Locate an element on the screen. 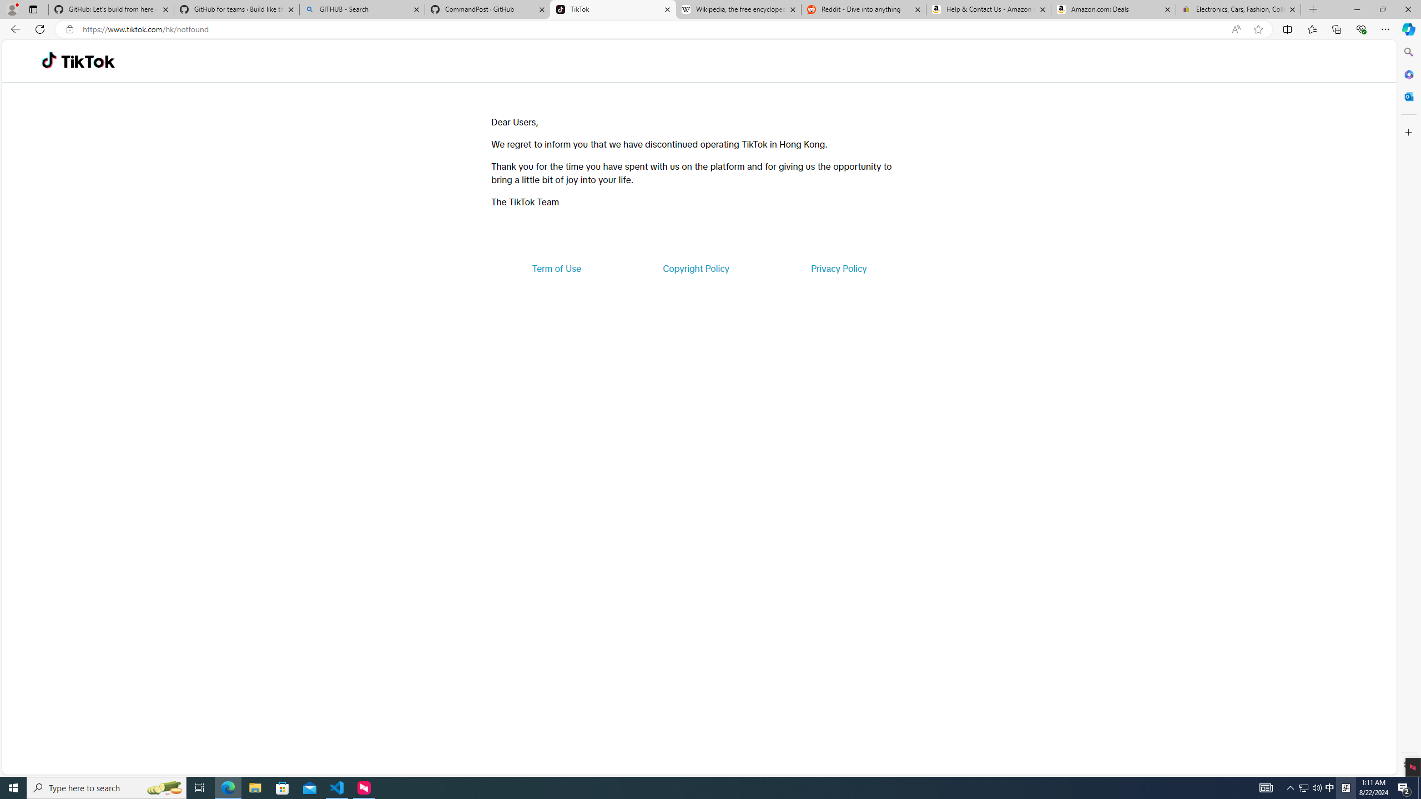  'GITHUB - Search' is located at coordinates (361, 9).